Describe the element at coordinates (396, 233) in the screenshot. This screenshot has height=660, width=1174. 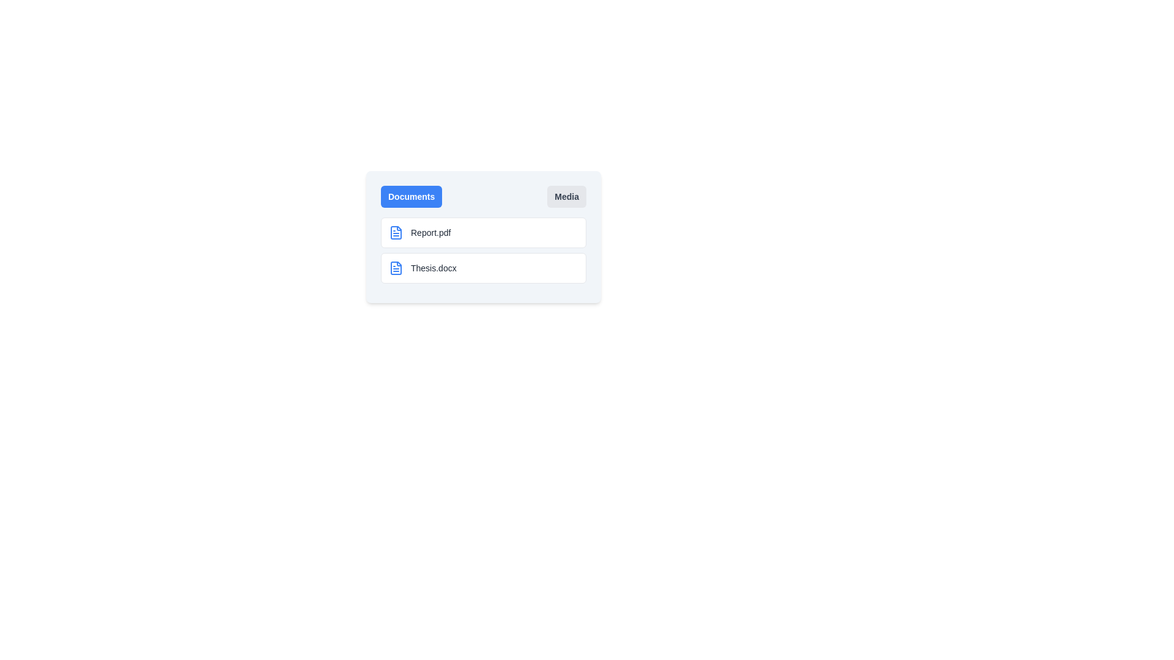
I see `the blue document icon representing 'Report.pdf', which is located at the leftmost side of the list item` at that location.